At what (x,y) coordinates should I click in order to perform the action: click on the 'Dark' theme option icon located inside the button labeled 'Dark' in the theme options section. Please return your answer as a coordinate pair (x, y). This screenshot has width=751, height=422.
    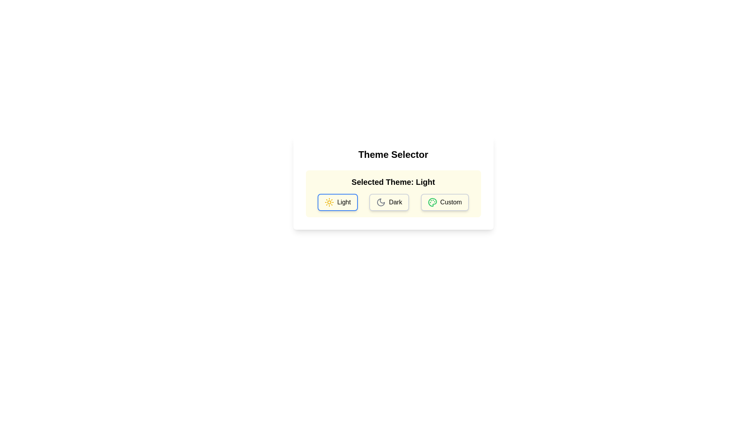
    Looking at the image, I should click on (381, 202).